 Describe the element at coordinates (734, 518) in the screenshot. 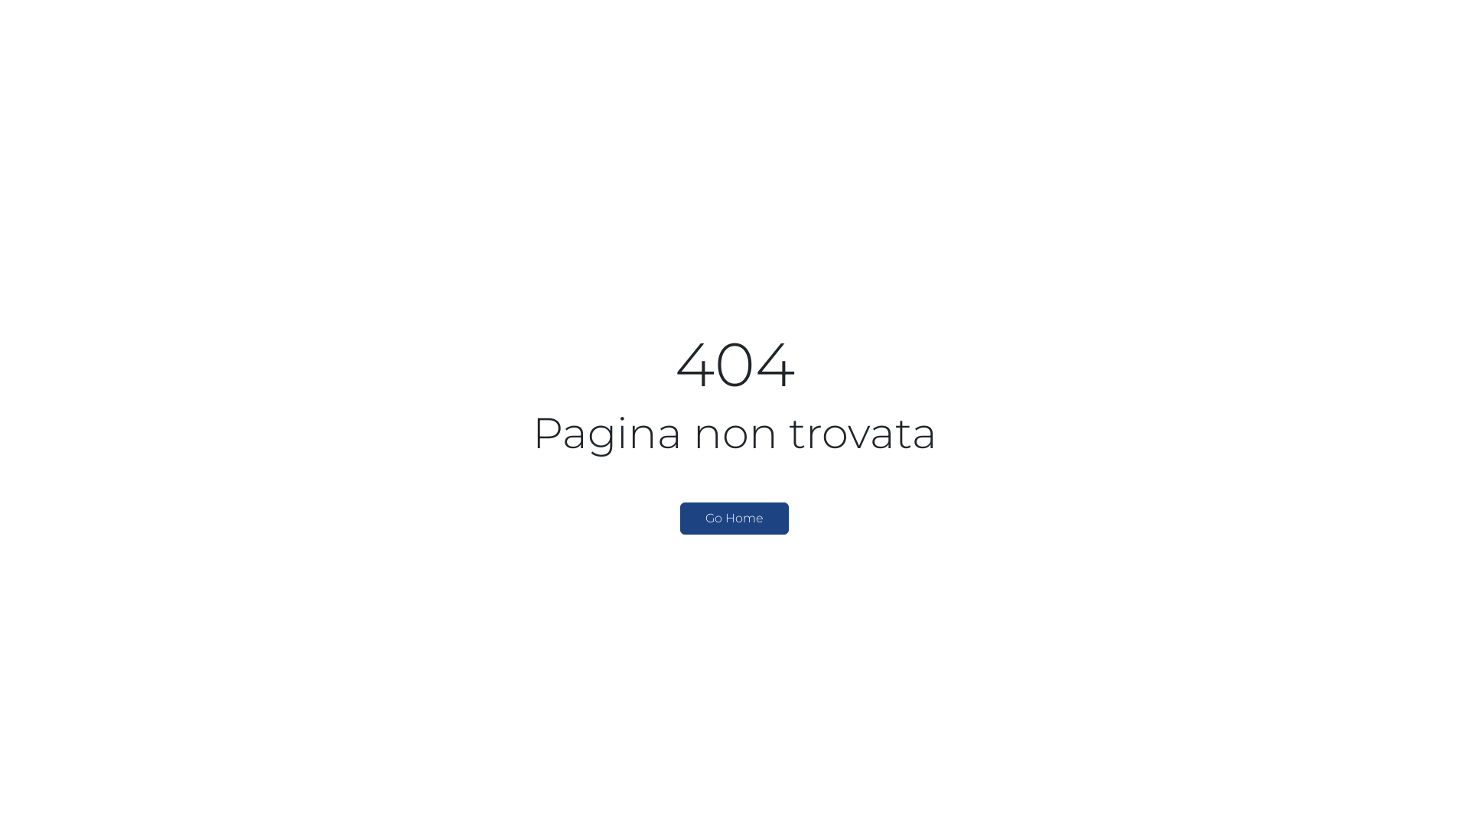

I see `'Go Home'` at that location.